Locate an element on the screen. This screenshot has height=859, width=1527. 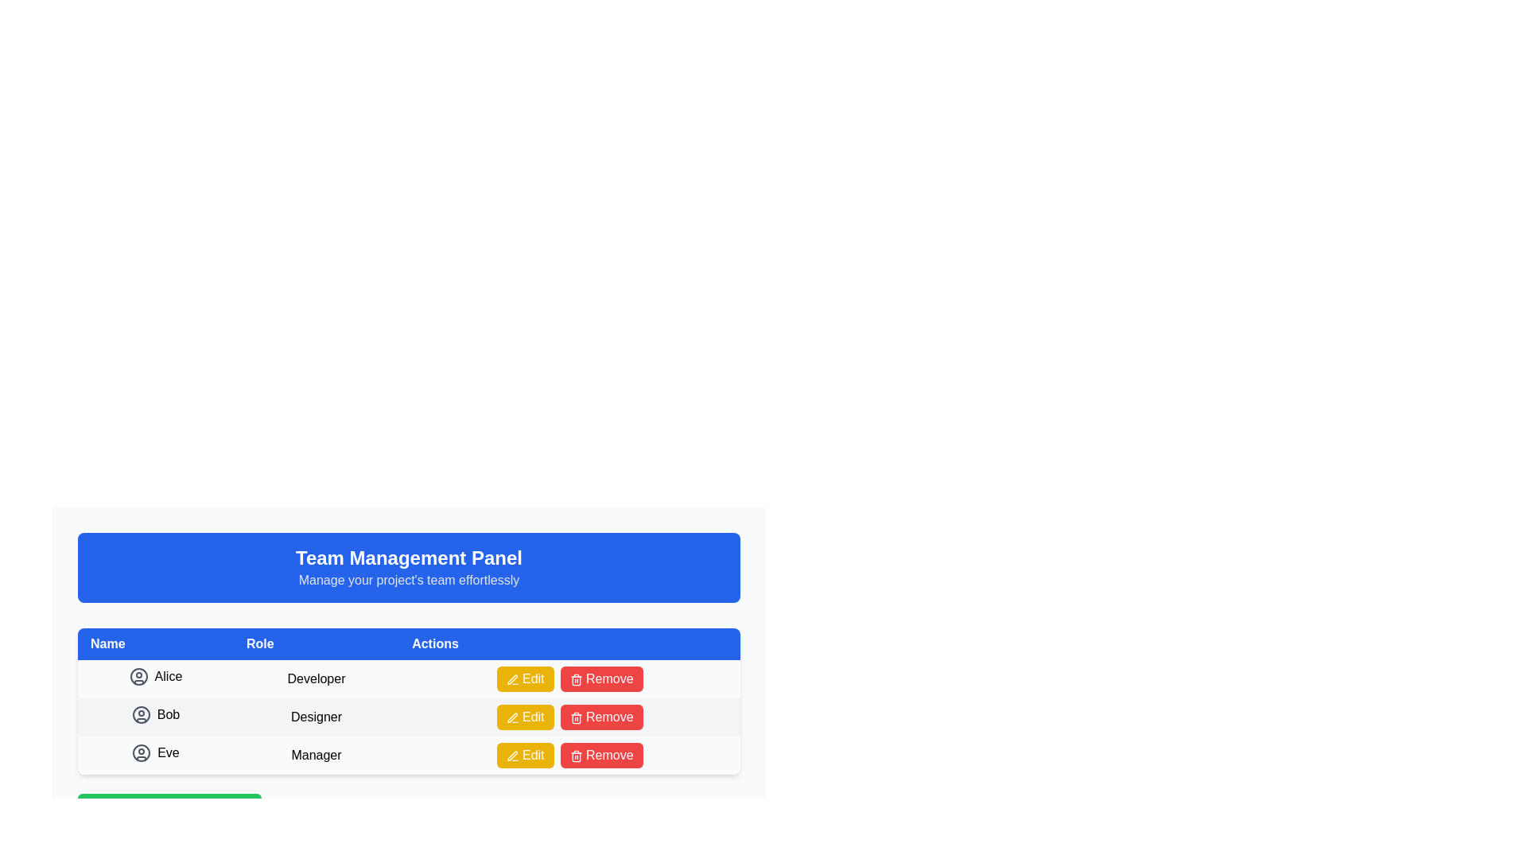
the circular user profile silhouette icon located in the second row of the tabular structure under the 'Name' column, adjacent to the text 'Bob' is located at coordinates (141, 713).